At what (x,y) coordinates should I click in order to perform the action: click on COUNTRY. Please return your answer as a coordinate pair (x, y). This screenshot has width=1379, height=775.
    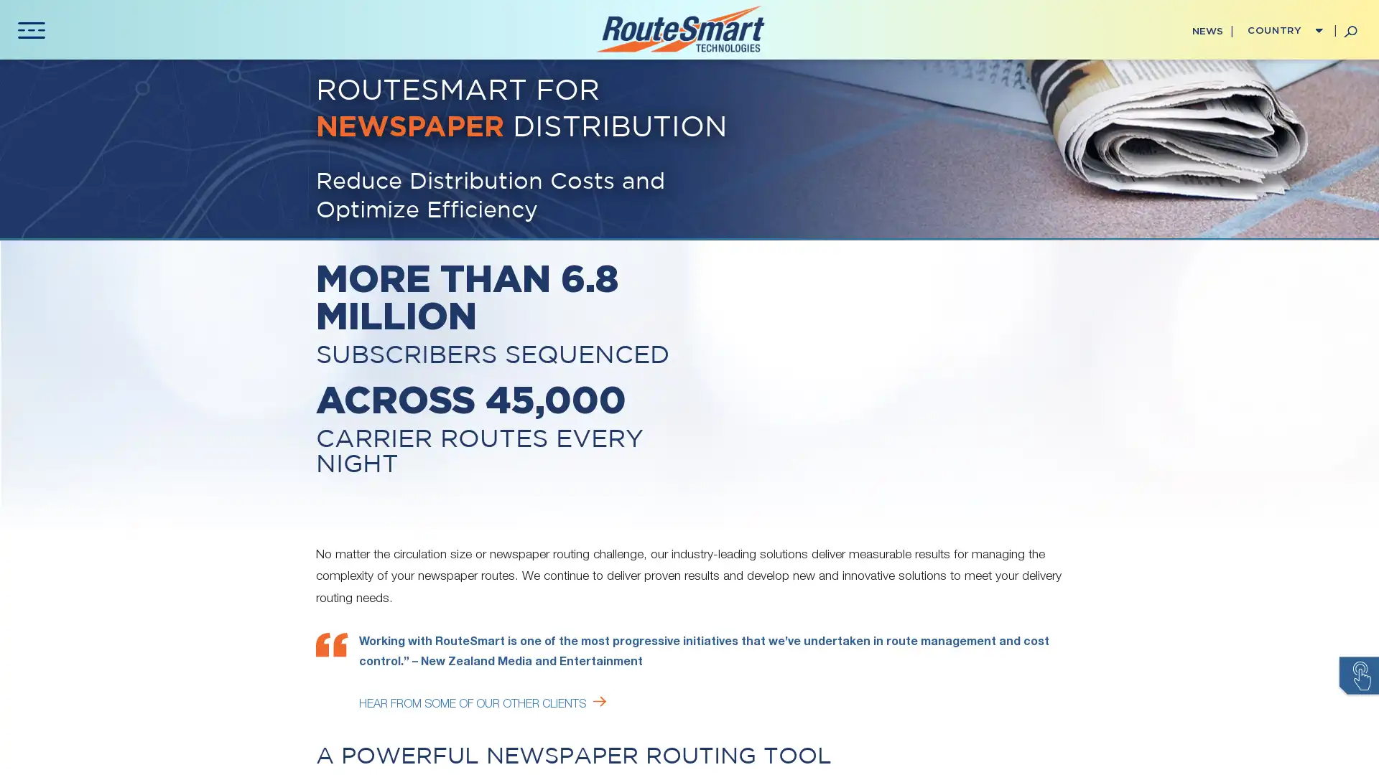
    Looking at the image, I should click on (1283, 31).